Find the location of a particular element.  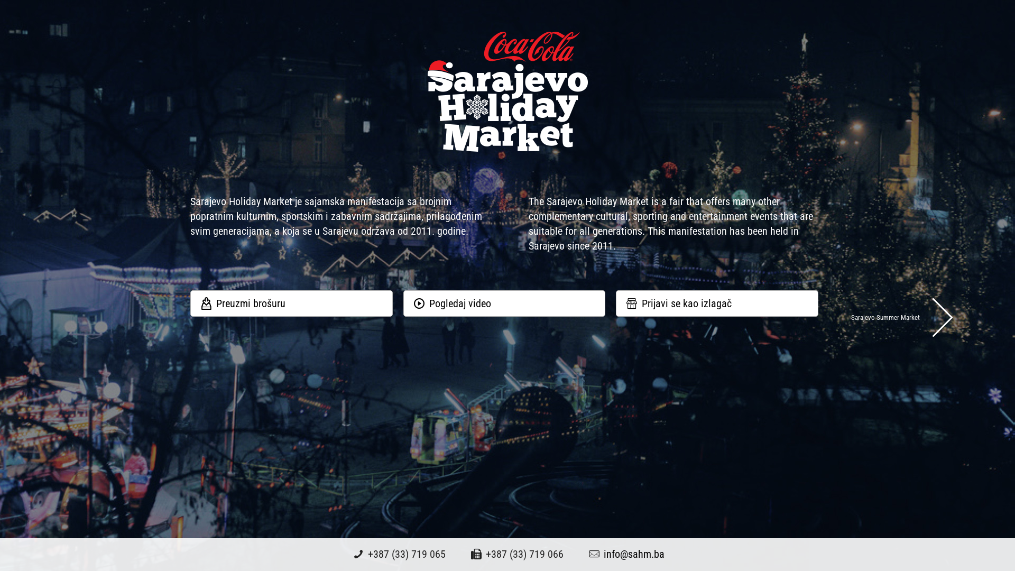

'info@sahm.ba' is located at coordinates (634, 554).